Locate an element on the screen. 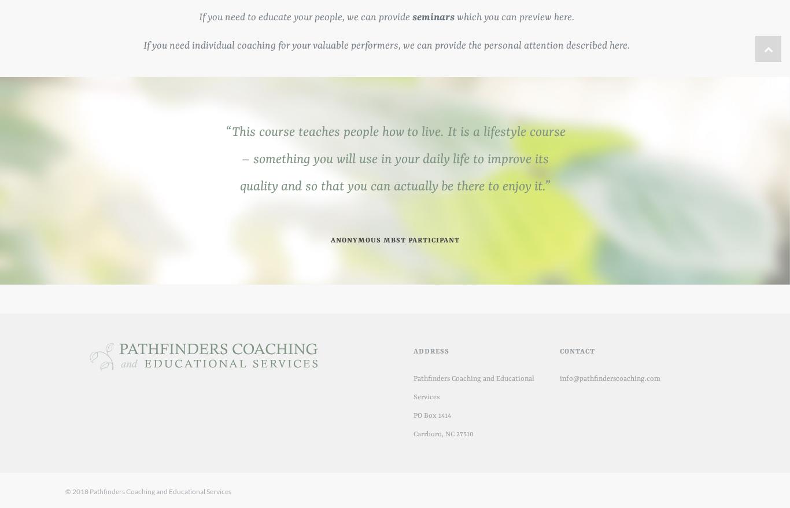 The height and width of the screenshot is (508, 790). 'info@pathfinderscoaching.com' is located at coordinates (609, 378).